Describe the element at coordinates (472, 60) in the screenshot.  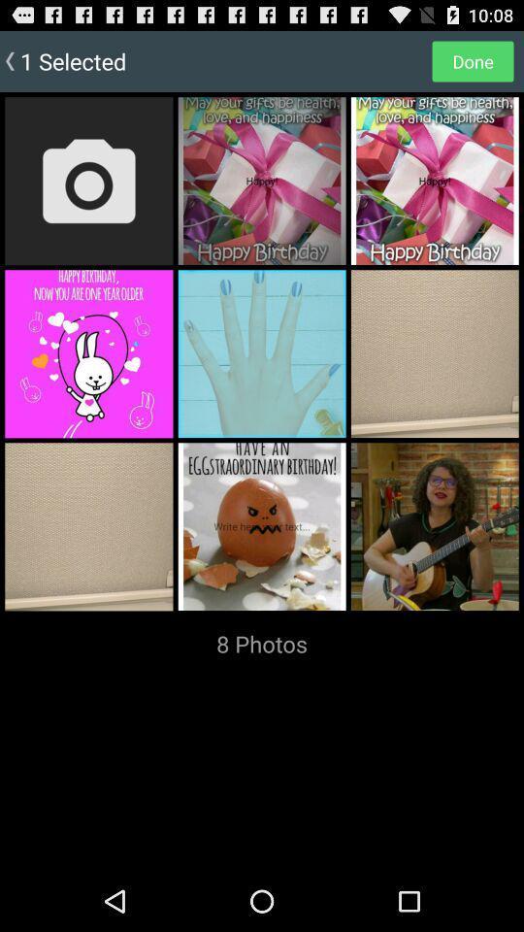
I see `done button` at that location.